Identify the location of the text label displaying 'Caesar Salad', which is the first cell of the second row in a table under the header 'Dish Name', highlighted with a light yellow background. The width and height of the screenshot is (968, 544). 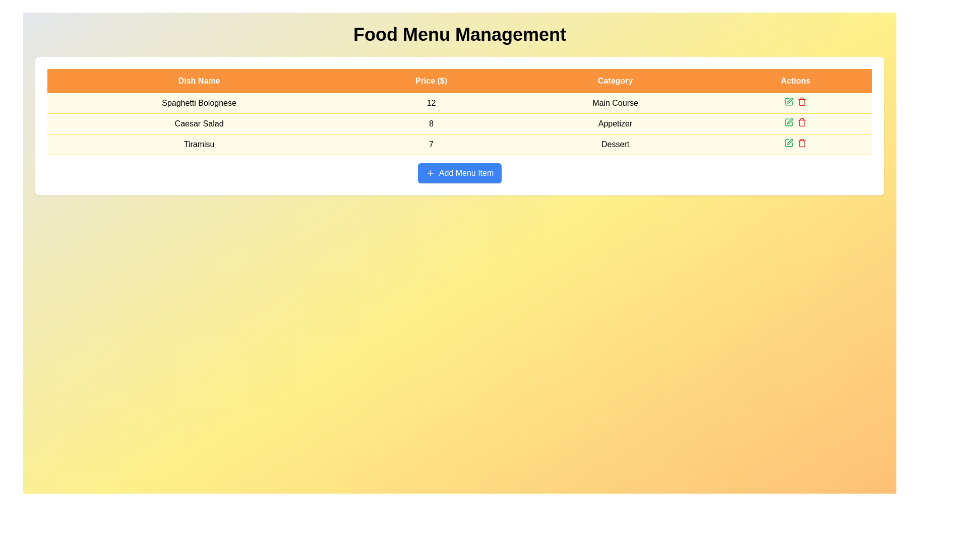
(199, 123).